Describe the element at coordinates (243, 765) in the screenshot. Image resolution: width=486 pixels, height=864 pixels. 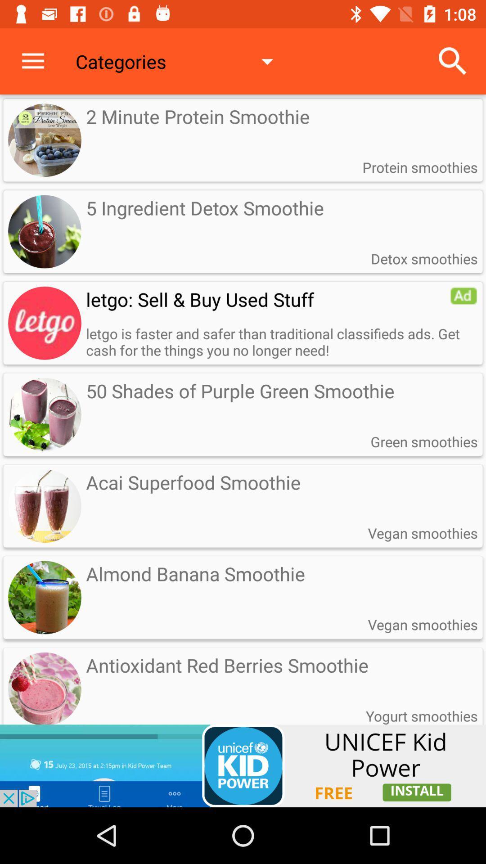
I see `advertisement` at that location.